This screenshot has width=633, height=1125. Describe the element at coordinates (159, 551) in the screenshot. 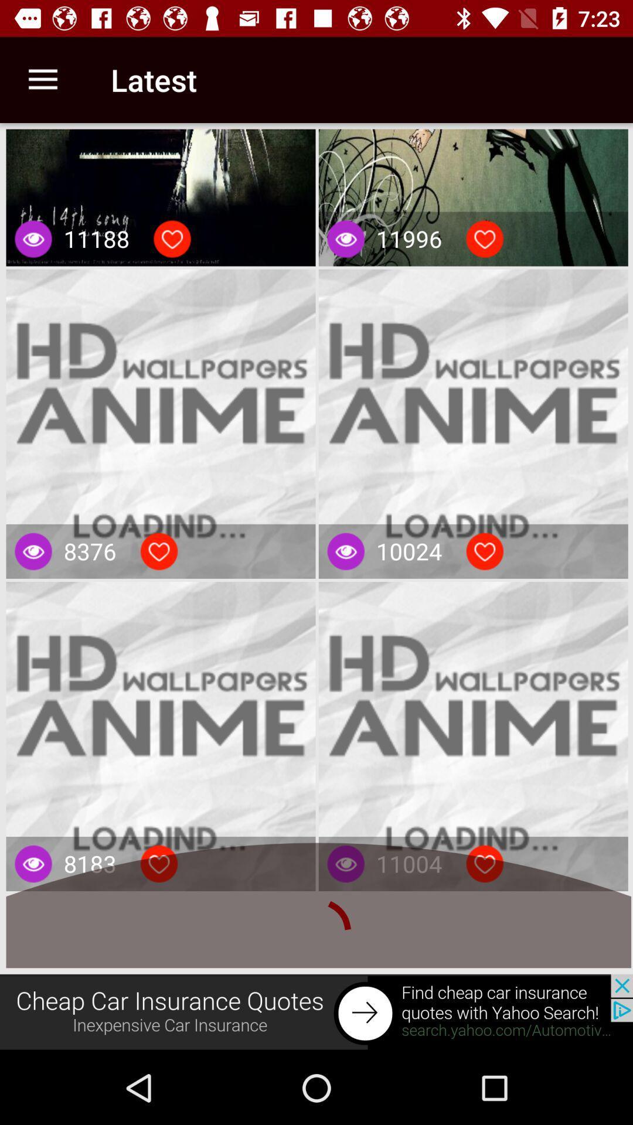

I see `like wallpaper` at that location.